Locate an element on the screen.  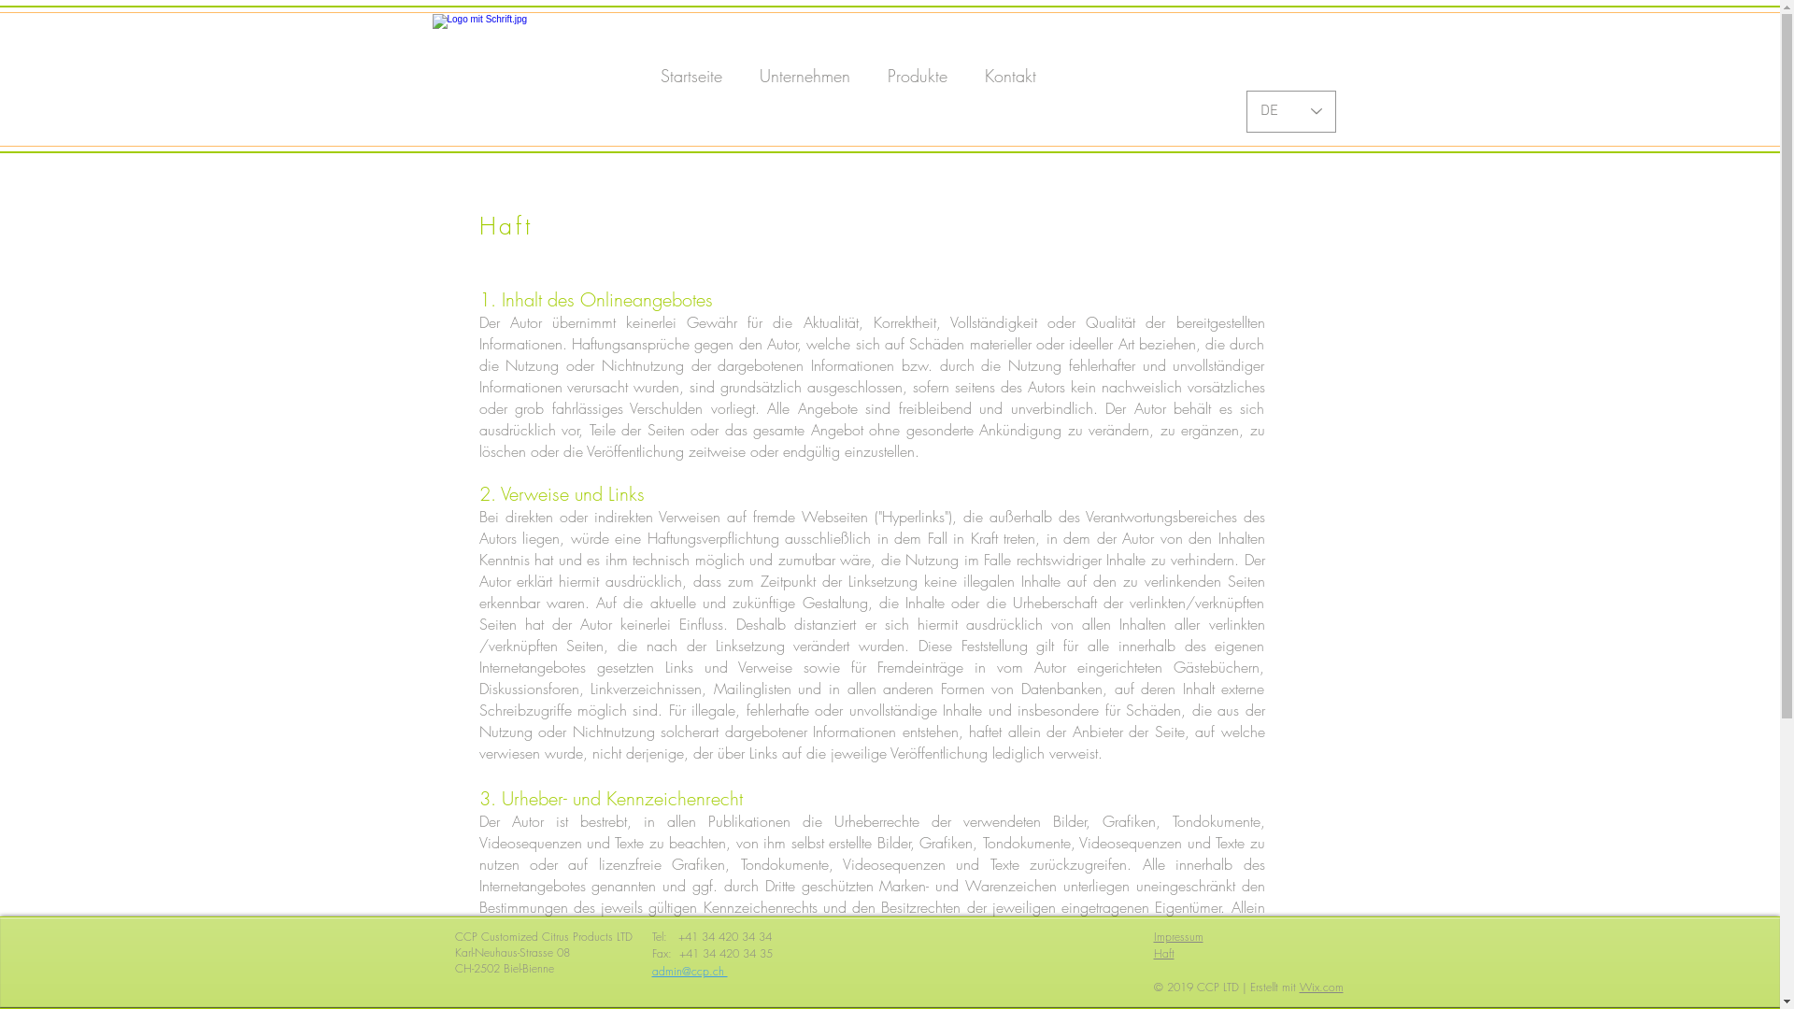
'Kontakt' is located at coordinates (1009, 75).